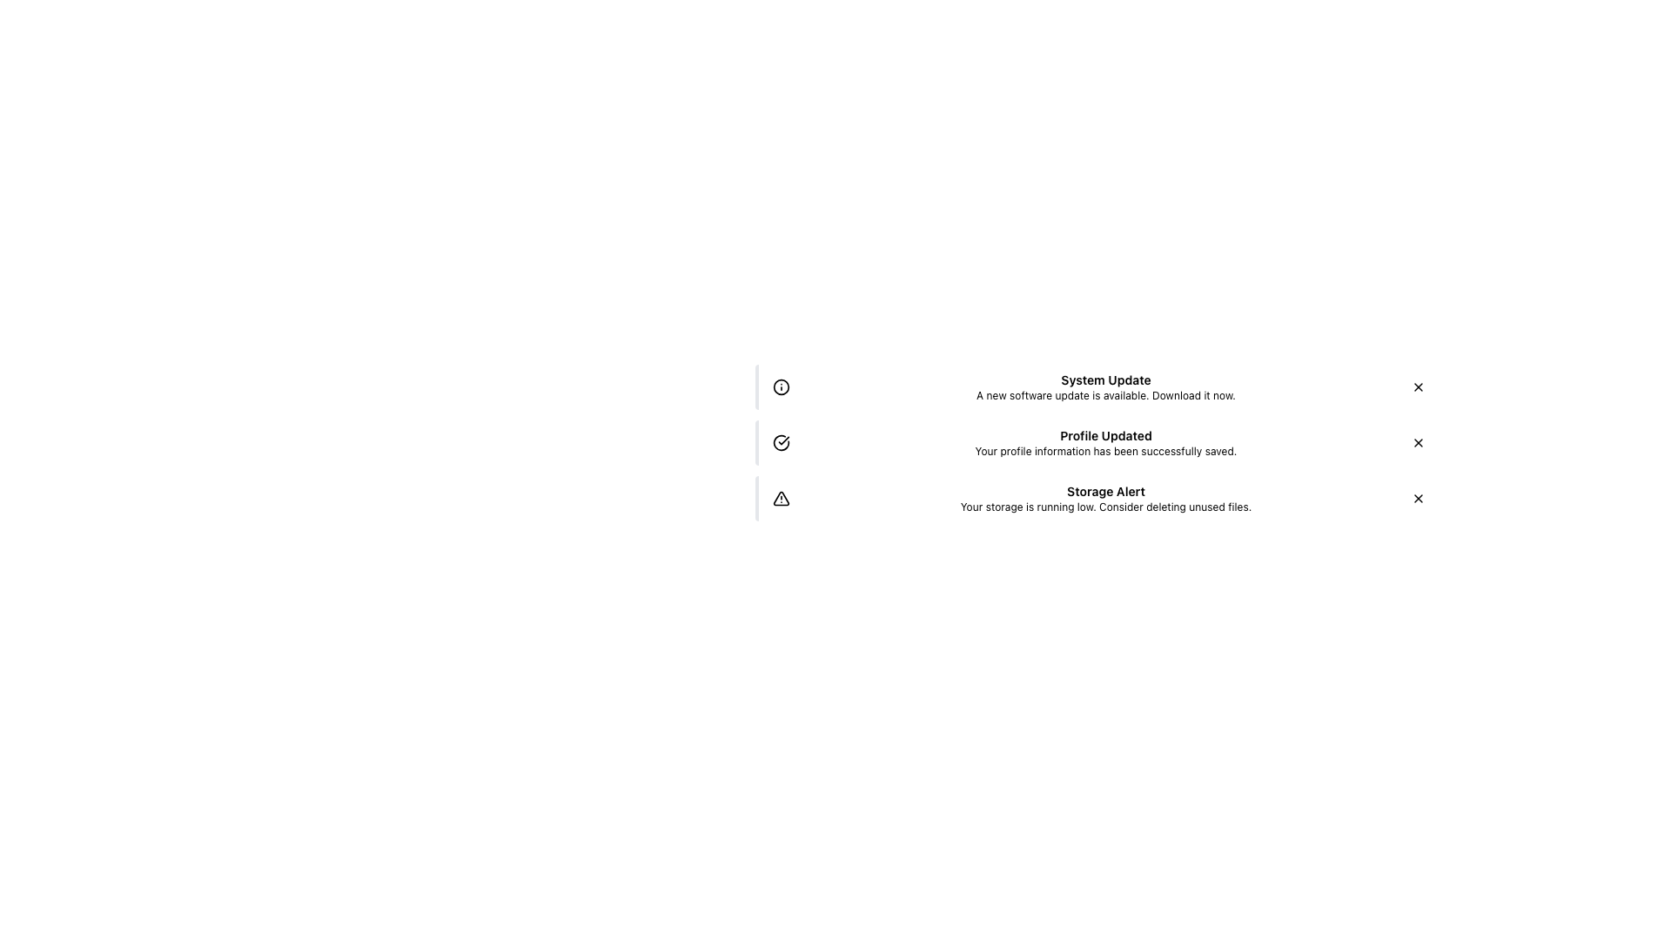 The width and height of the screenshot is (1671, 940). What do you see at coordinates (1419, 386) in the screenshot?
I see `the close button represented by an 'X' icon in the 'System Update' notification` at bounding box center [1419, 386].